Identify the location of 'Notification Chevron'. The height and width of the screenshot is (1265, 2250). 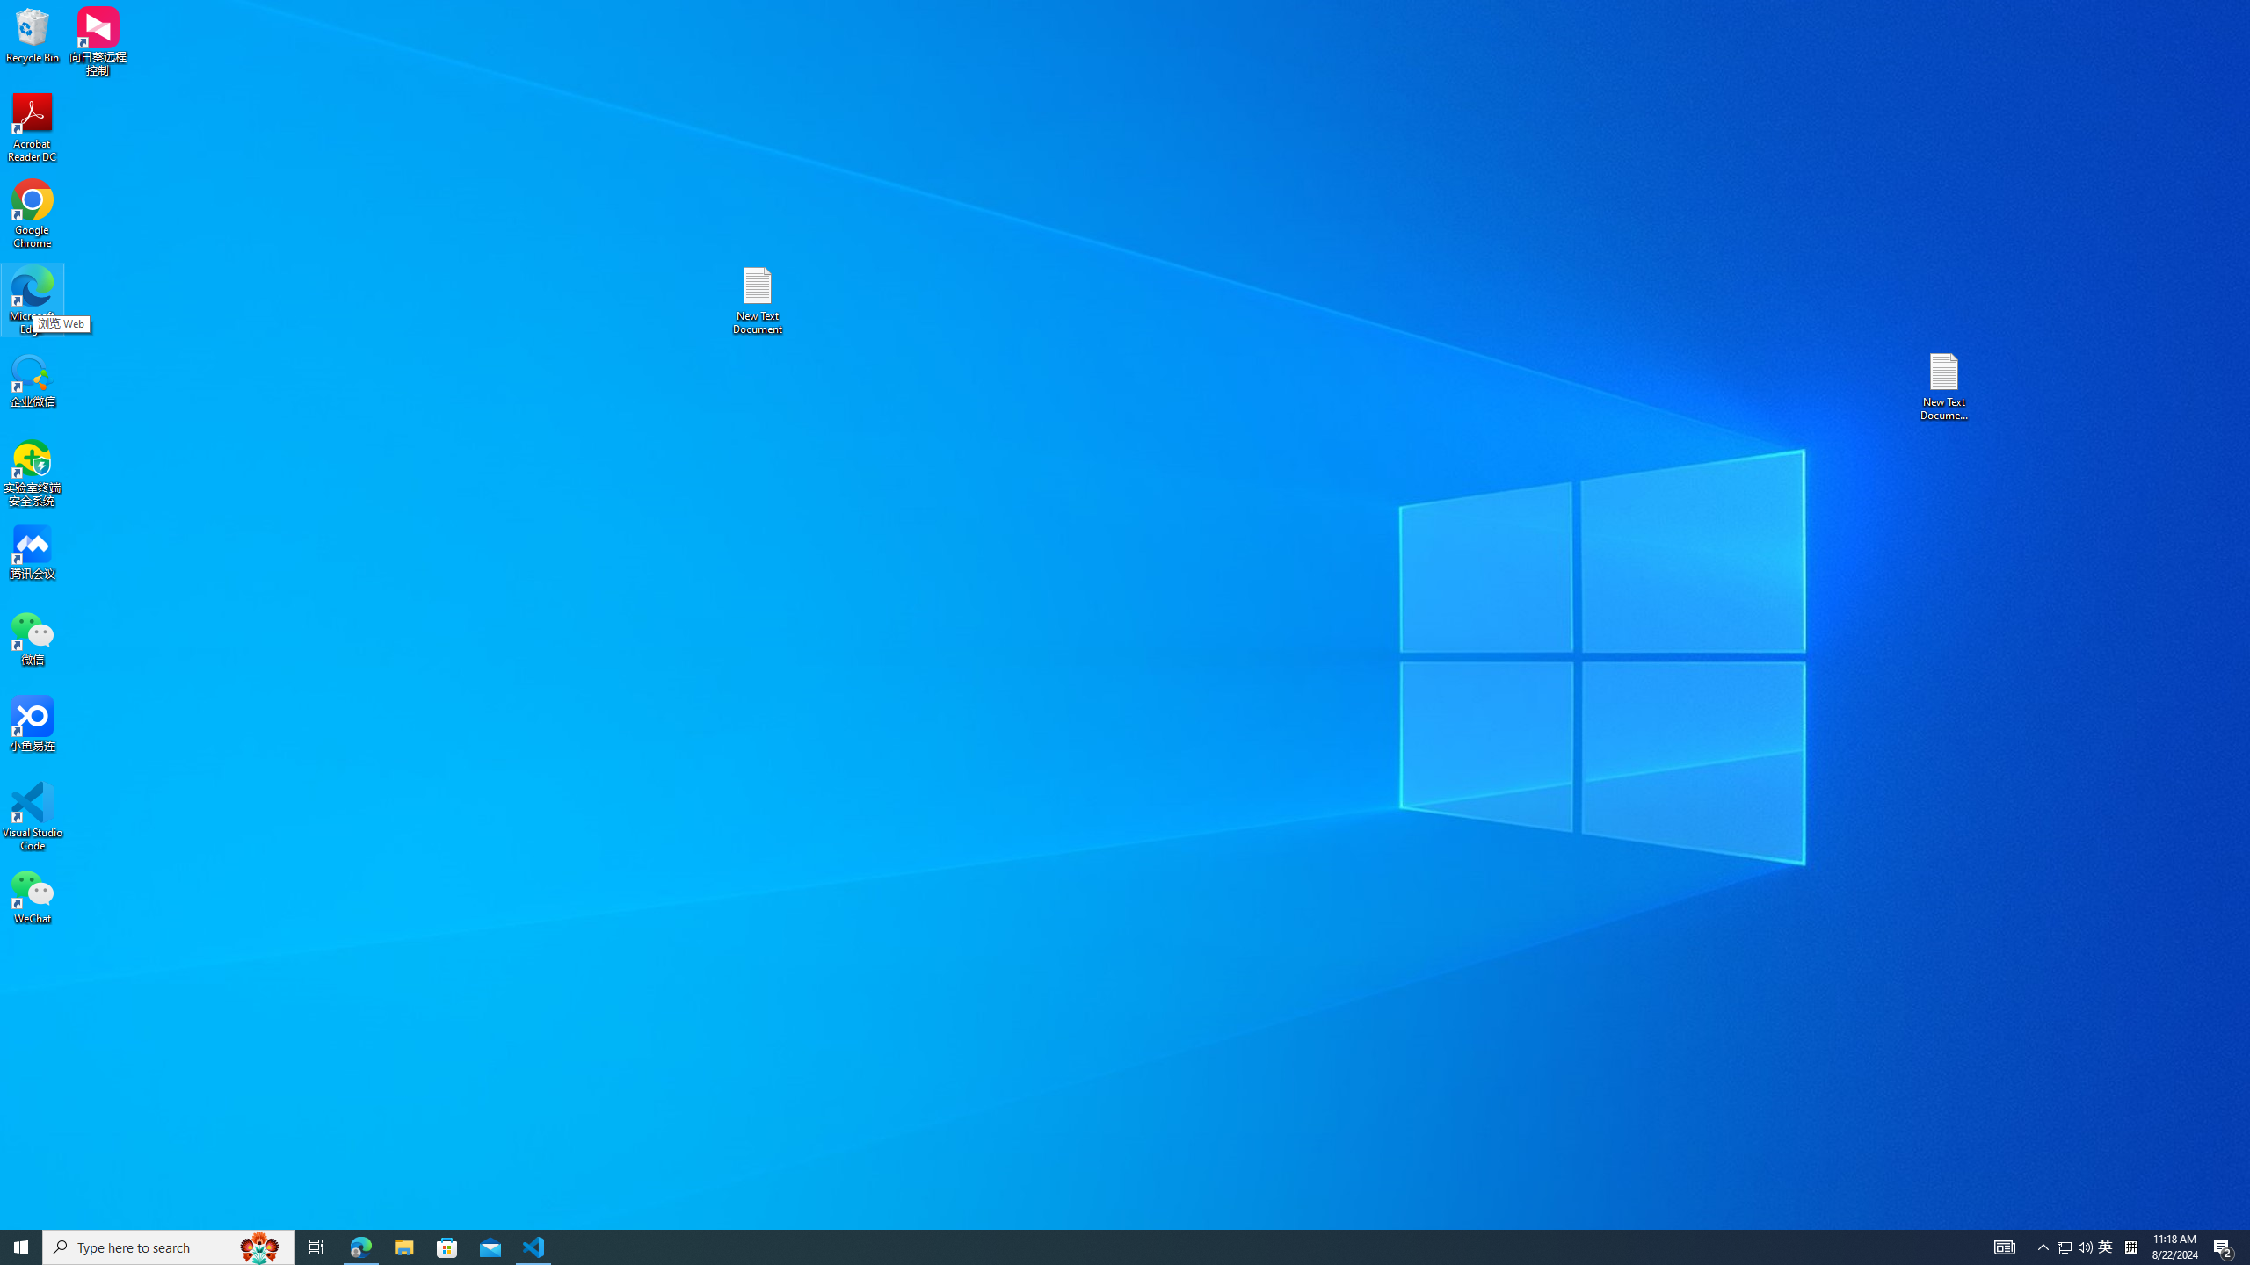
(2043, 1246).